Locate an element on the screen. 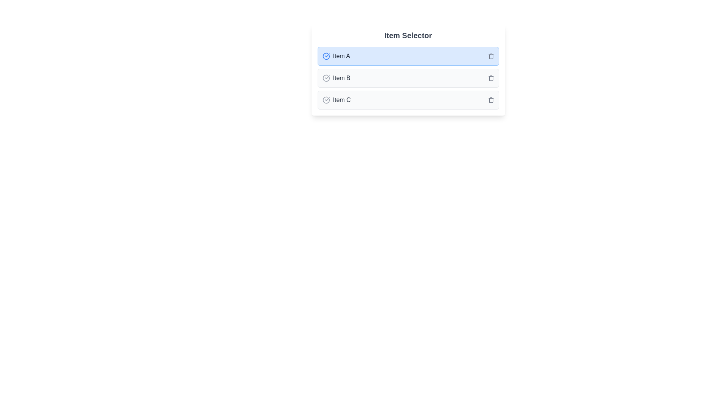 This screenshot has width=726, height=408. the text label reading 'Item B', which is styled with a medium-weight font and gray color, located in the horizontal middle of the 'Item Selector' list, corresponding to the second item in the list is located at coordinates (341, 78).